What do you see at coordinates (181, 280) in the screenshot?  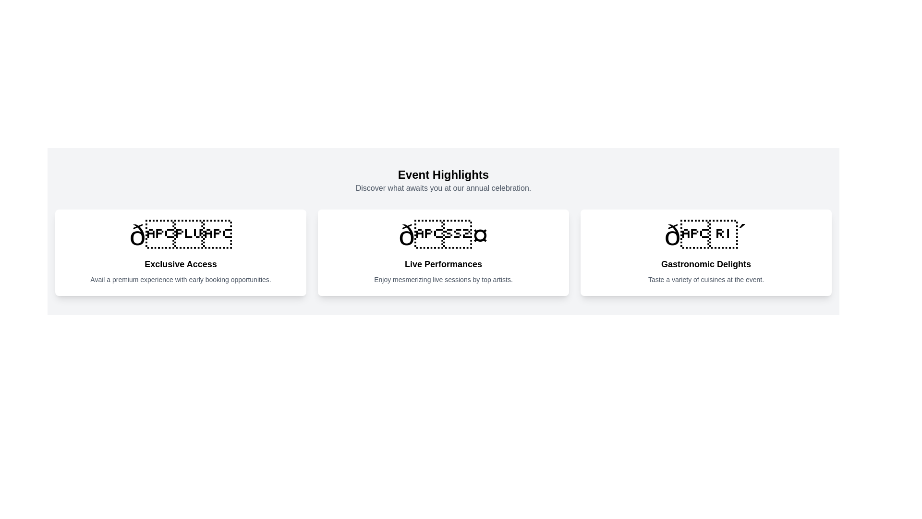 I see `descriptive text content emphasizing the benefits of early booking for a premium experience, which is located underneath the 'Exclusive Access' text in the leftmost card of a three-column layout` at bounding box center [181, 280].